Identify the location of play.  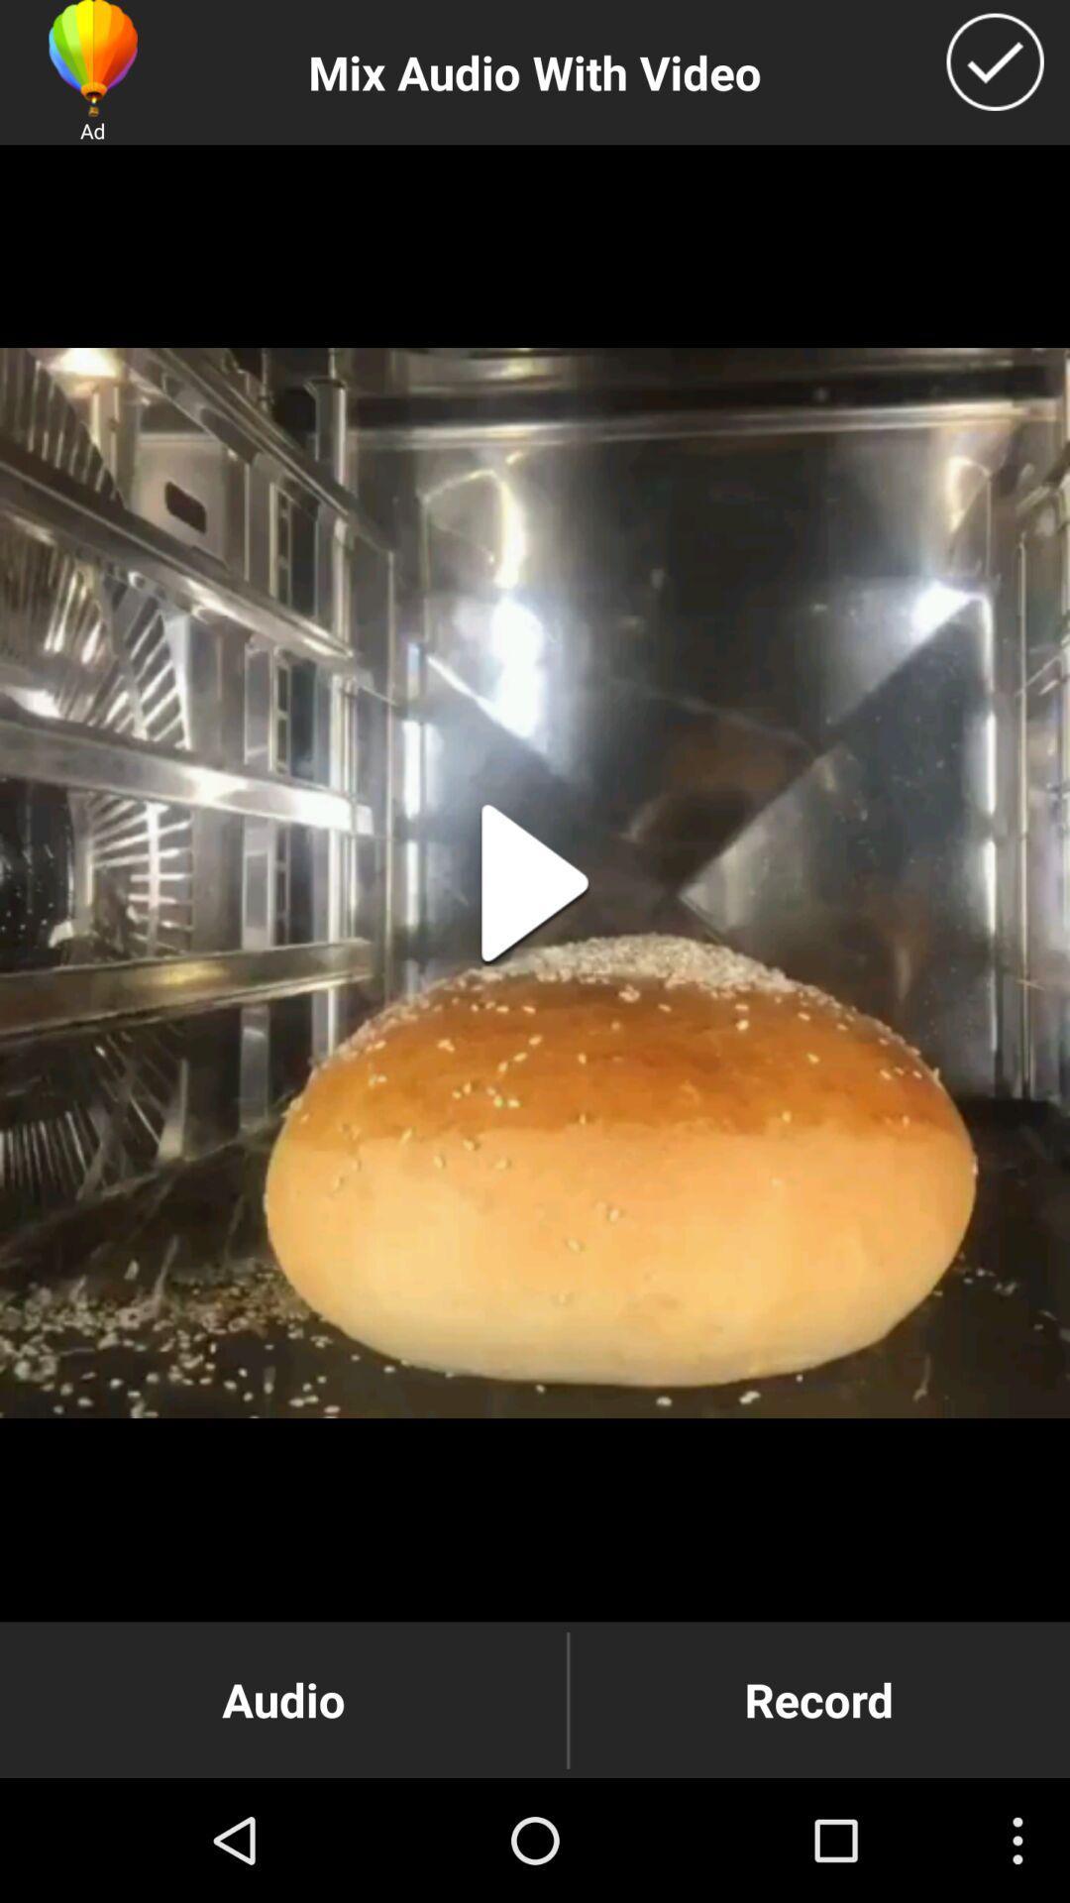
(535, 882).